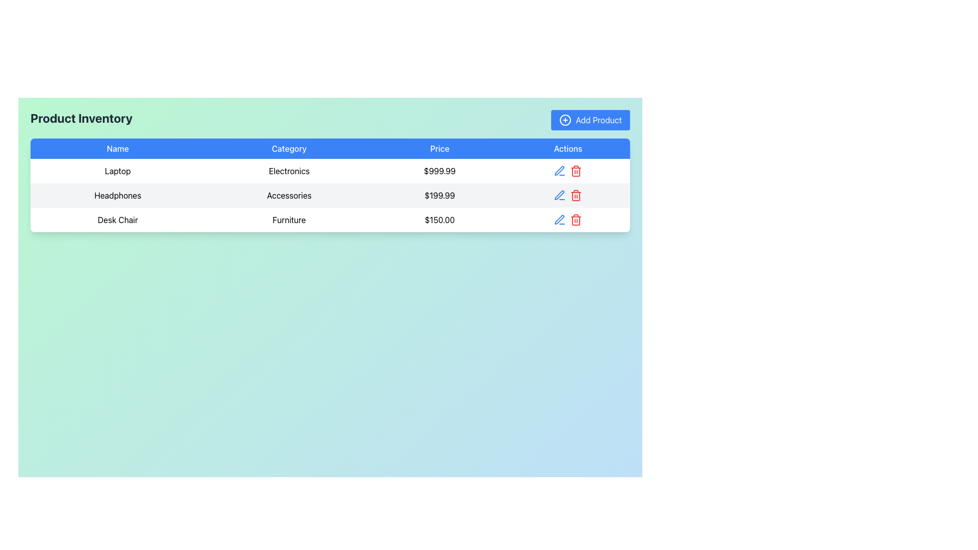 This screenshot has height=550, width=978. What do you see at coordinates (559, 196) in the screenshot?
I see `the edit button for the 'Headphones' product entry located in the 'Actions' column` at bounding box center [559, 196].